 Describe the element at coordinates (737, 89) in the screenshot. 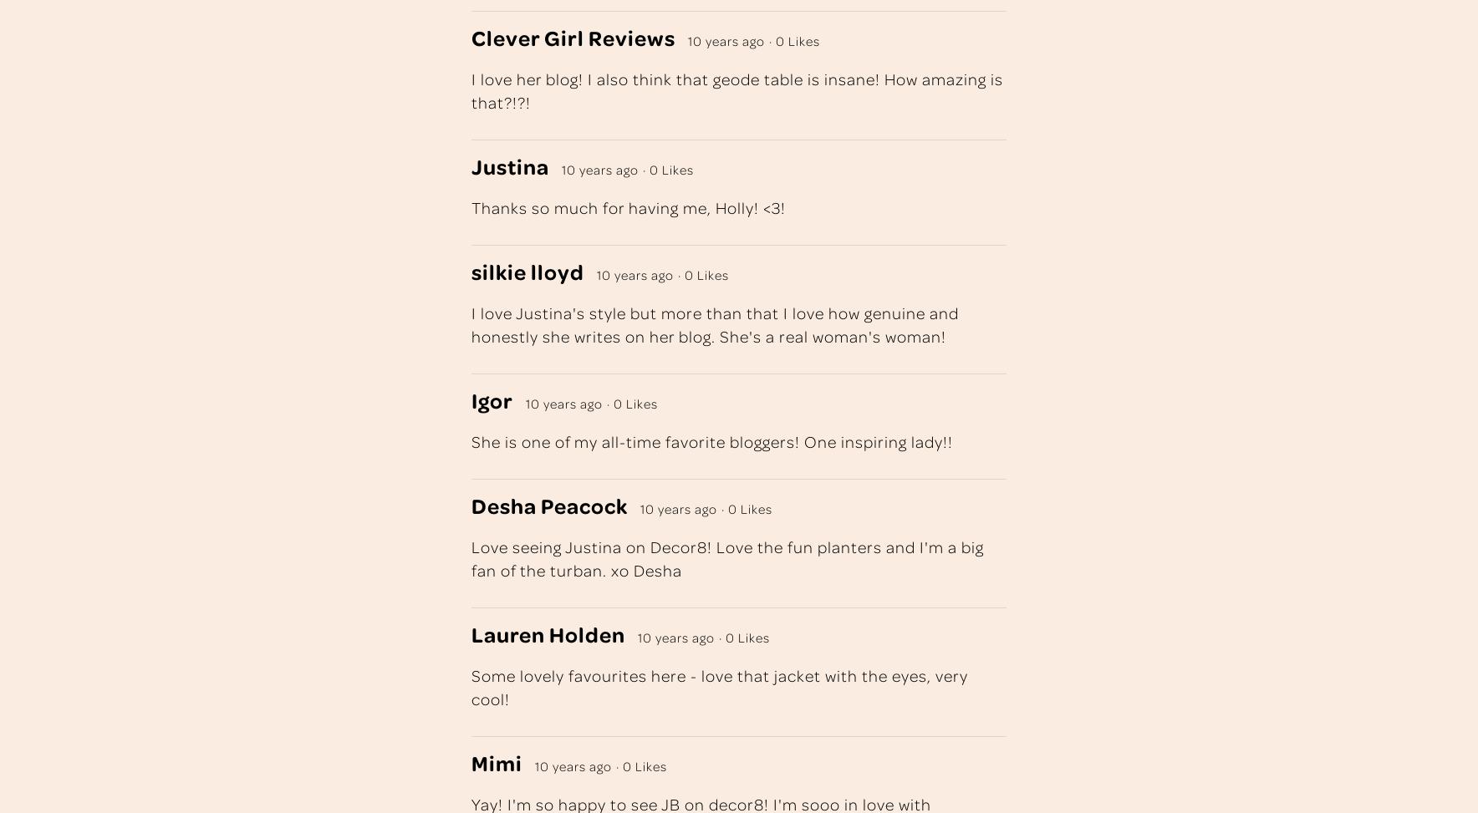

I see `'I love her blog! I also think that geode table is insane! How amazing is that?!?!'` at that location.